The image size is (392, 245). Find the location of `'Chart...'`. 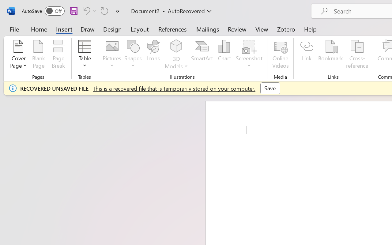

'Chart...' is located at coordinates (224, 55).